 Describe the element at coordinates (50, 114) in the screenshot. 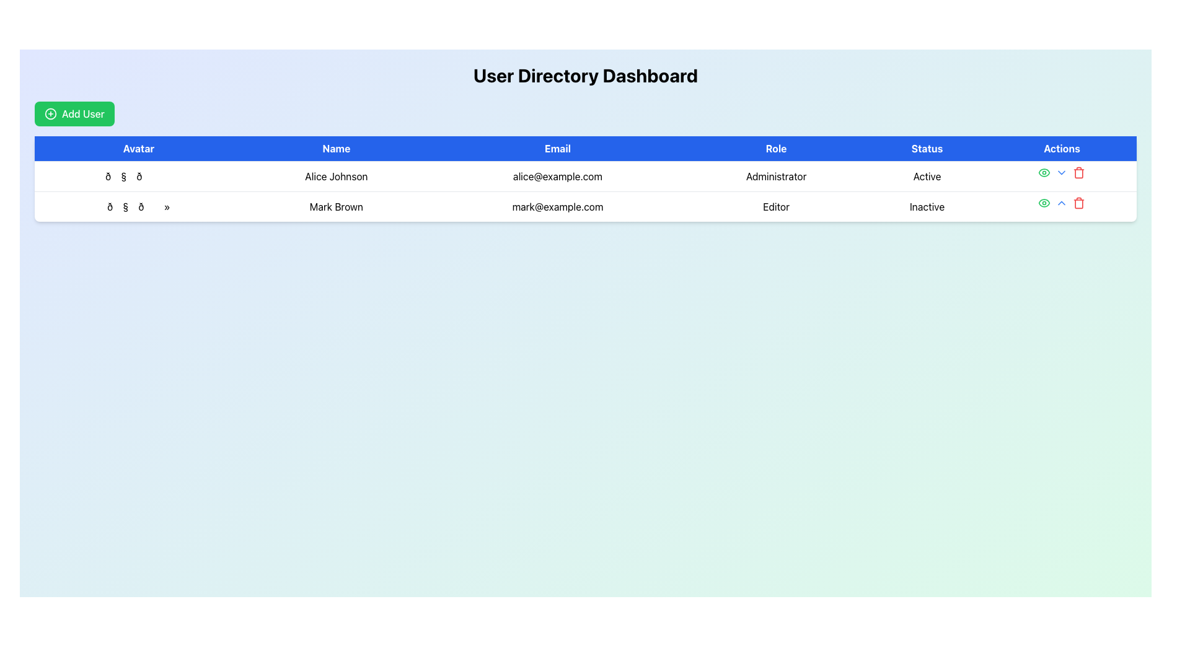

I see `the circular icon with a plus sign located within the green rectangular button labeled 'Add User' at the top left of the page` at that location.